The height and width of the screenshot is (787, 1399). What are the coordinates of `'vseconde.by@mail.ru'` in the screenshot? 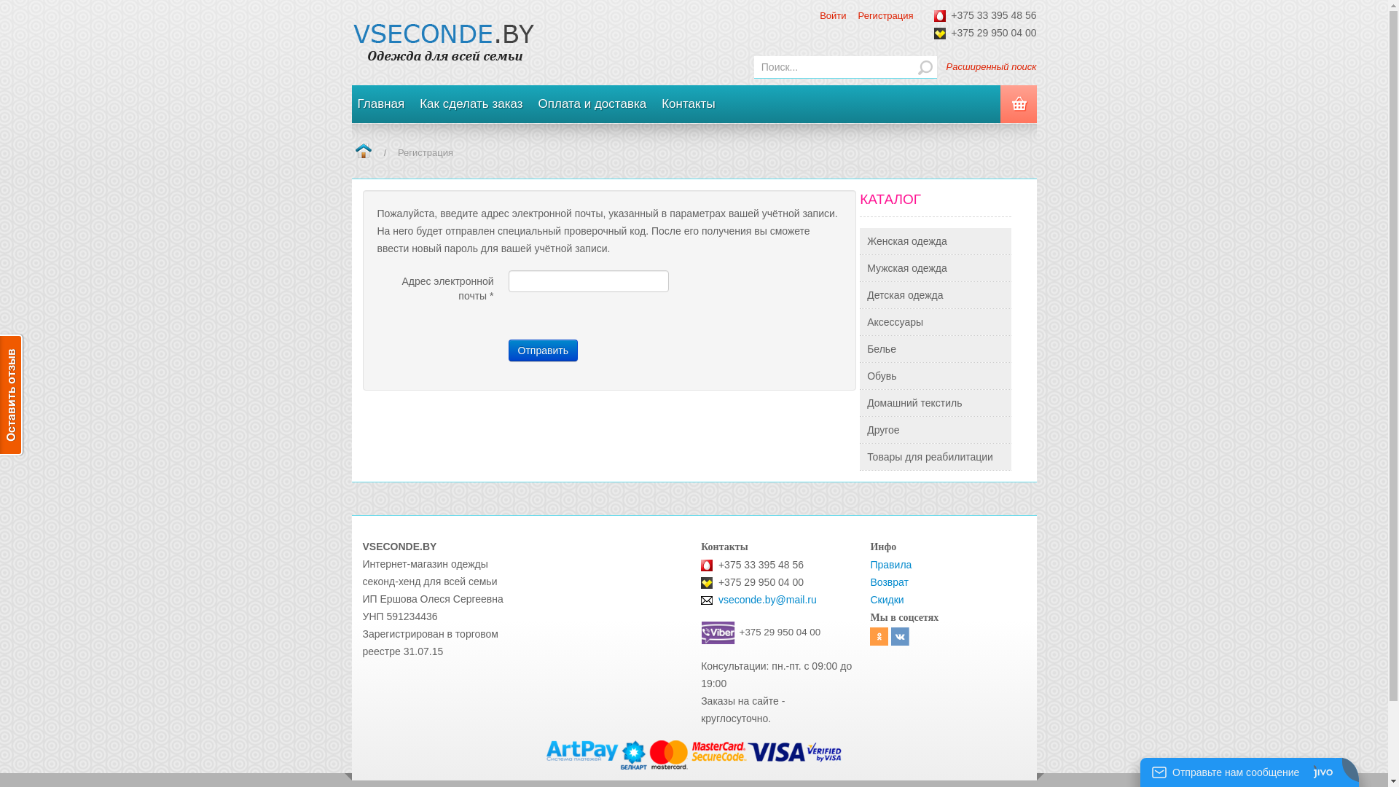 It's located at (767, 599).